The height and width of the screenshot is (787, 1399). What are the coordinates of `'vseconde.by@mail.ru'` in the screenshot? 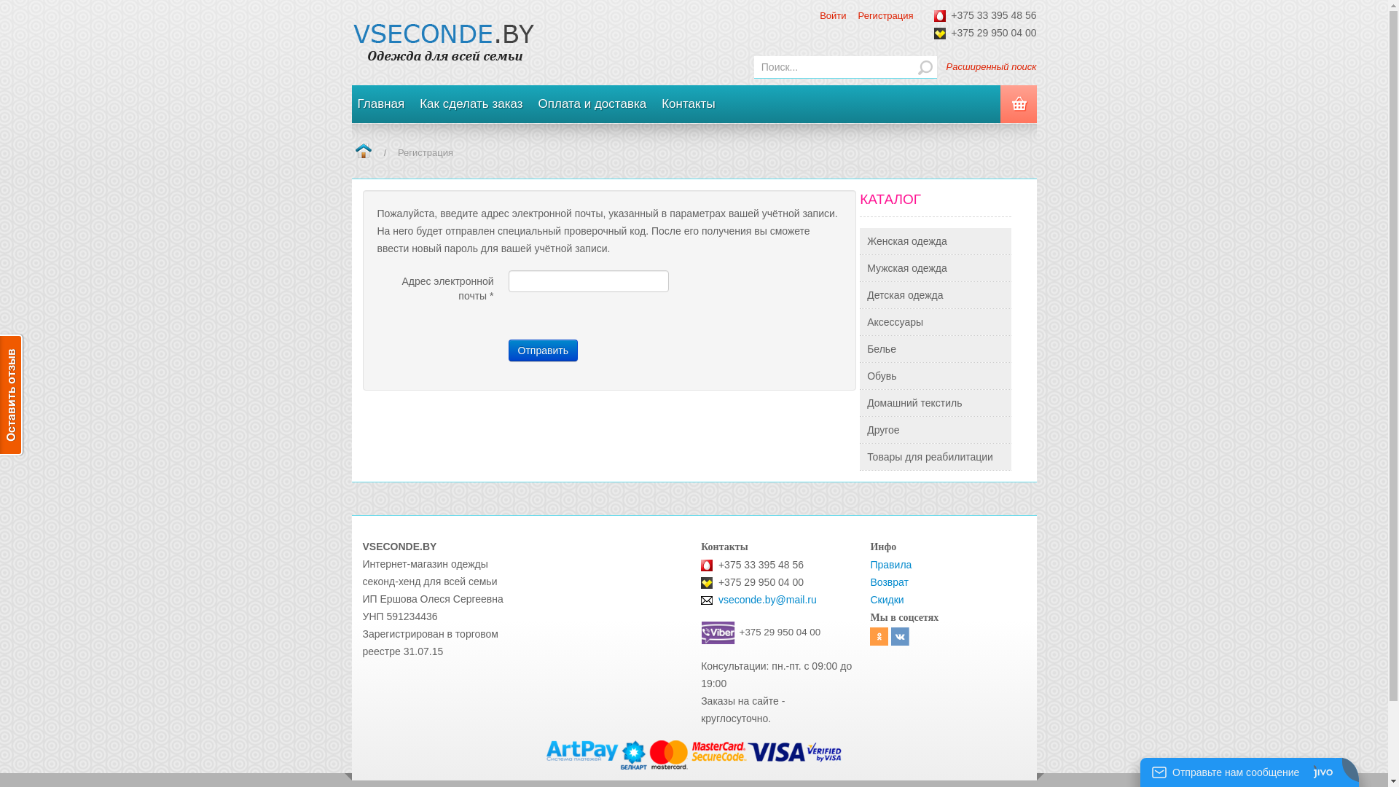 It's located at (767, 599).